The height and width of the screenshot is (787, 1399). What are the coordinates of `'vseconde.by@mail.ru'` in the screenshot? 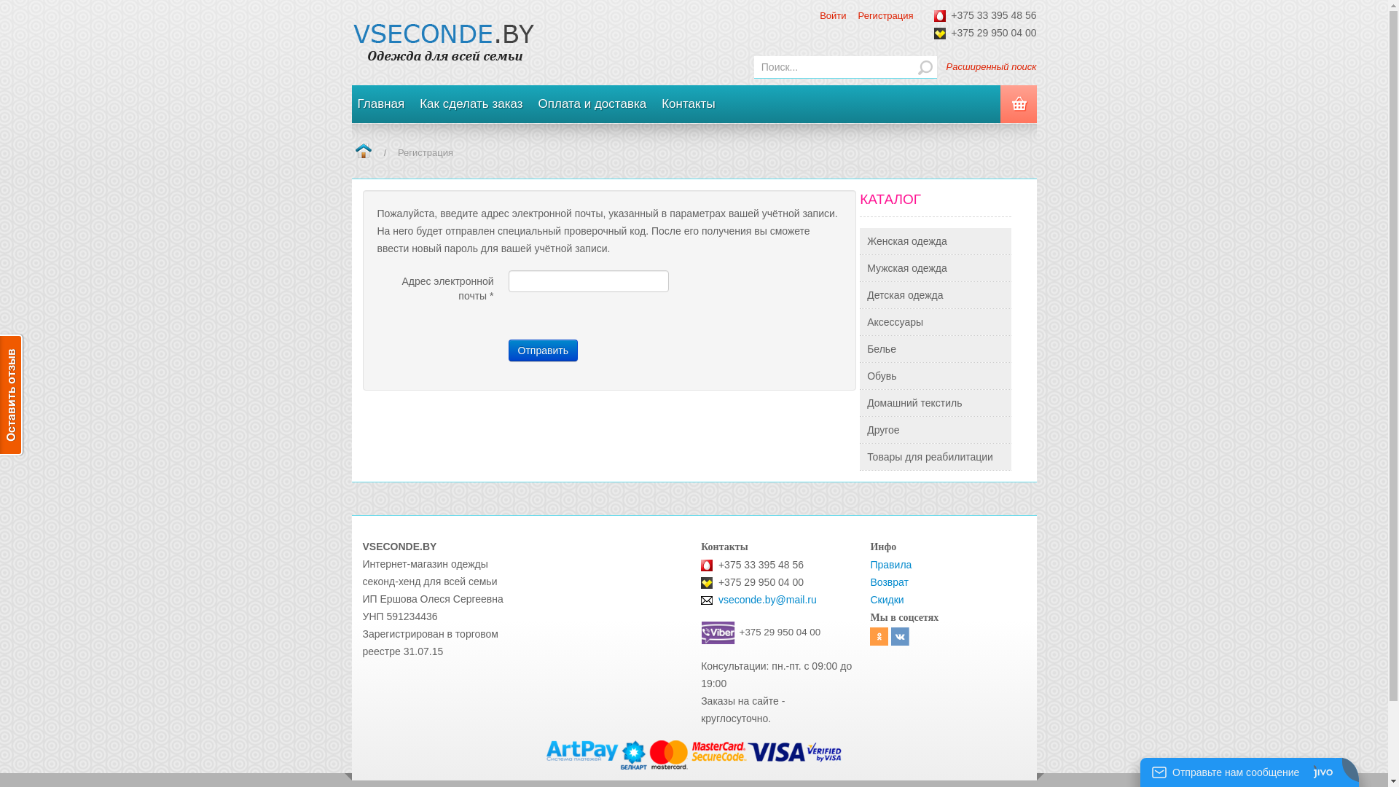 It's located at (767, 599).